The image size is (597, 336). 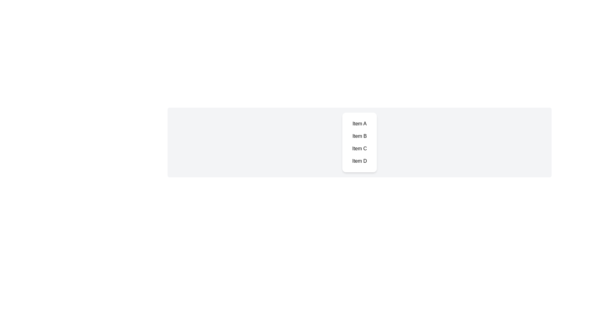 What do you see at coordinates (359, 149) in the screenshot?
I see `the item labeled Item C to observe its hover effect` at bounding box center [359, 149].